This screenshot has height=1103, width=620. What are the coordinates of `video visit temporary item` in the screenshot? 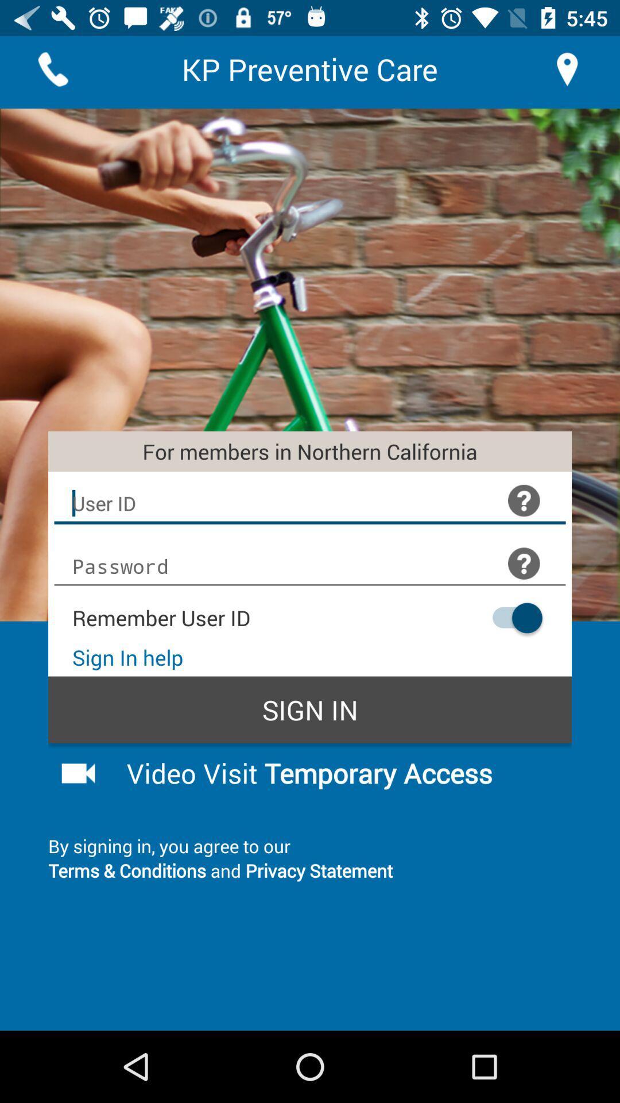 It's located at (339, 773).